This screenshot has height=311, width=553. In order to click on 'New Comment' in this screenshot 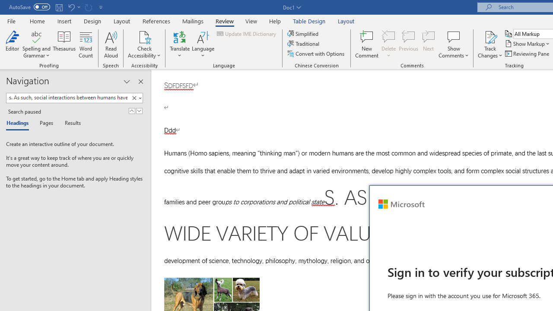, I will do `click(367, 44)`.